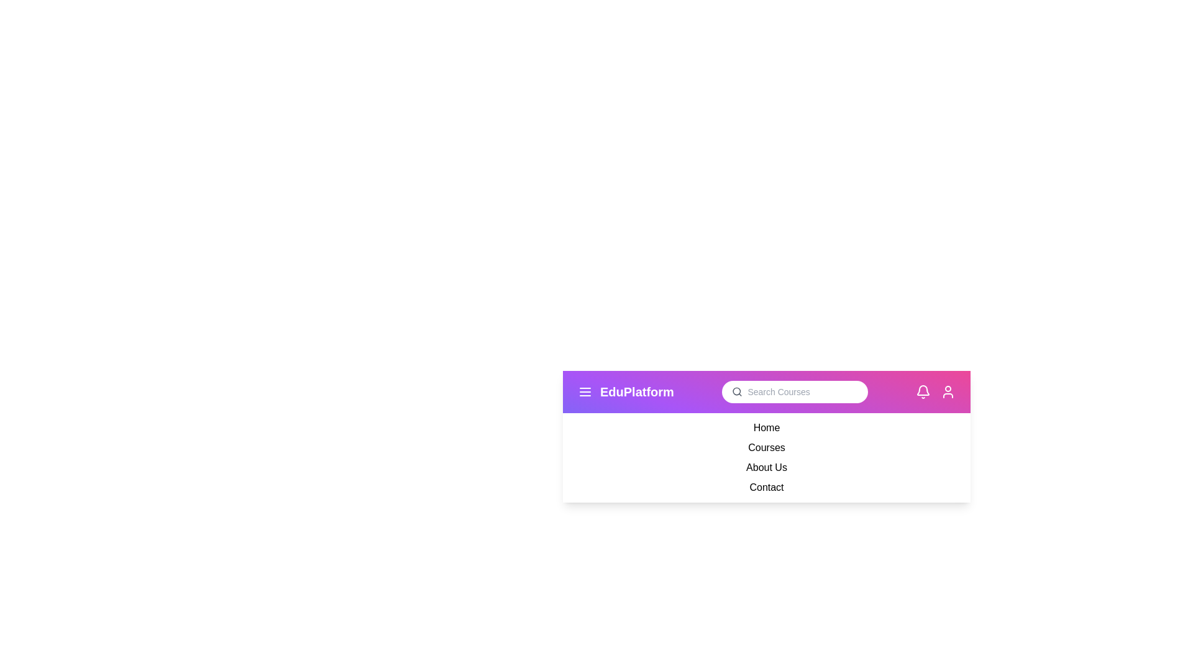  Describe the element at coordinates (766, 467) in the screenshot. I see `the dropdown menu item About Us` at that location.